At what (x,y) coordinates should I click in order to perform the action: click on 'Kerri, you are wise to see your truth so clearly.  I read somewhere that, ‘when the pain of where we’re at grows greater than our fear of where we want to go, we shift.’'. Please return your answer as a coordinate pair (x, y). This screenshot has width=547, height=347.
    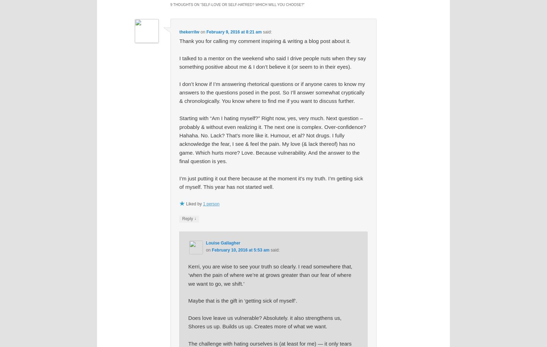
    Looking at the image, I should click on (270, 275).